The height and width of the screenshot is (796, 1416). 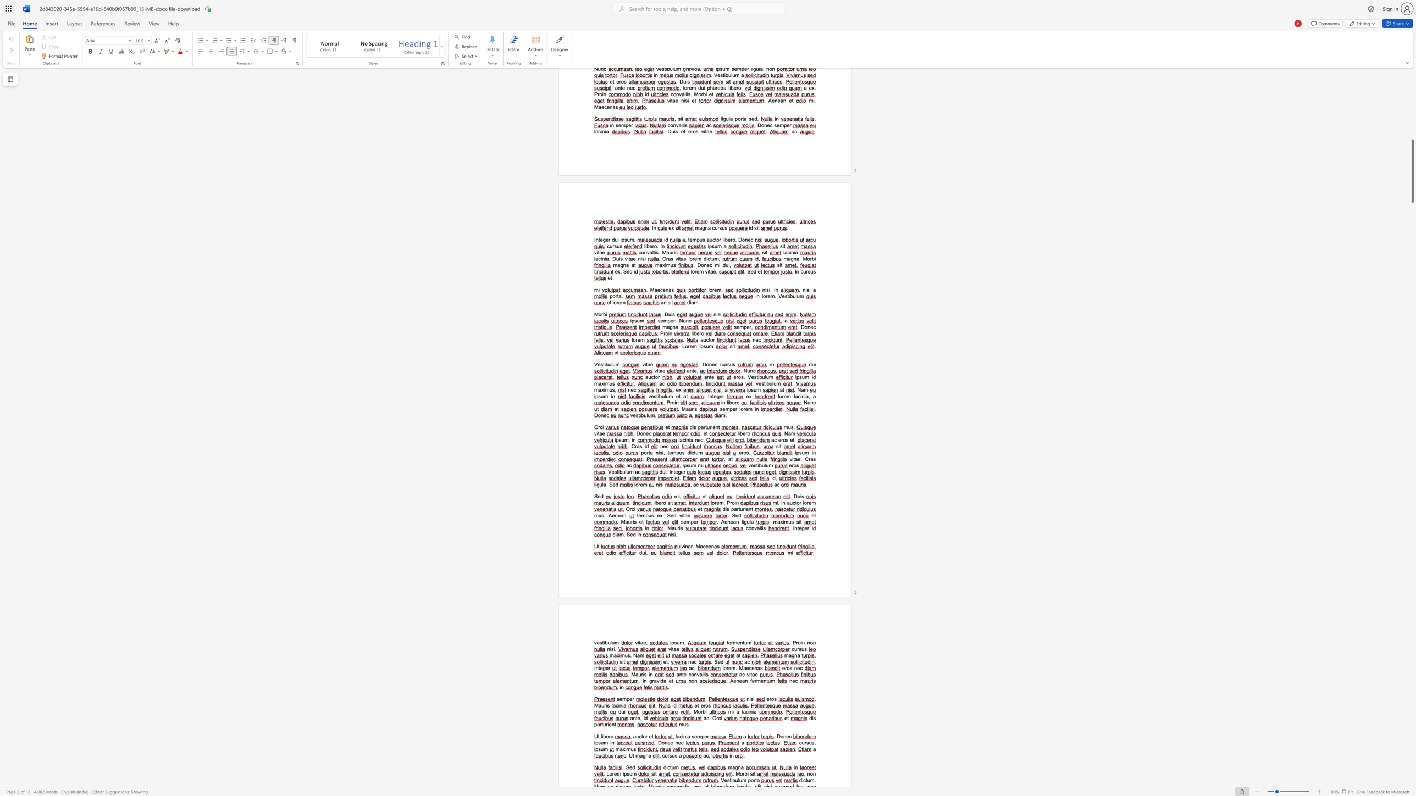 I want to click on the 2th character "u" in the text, so click(x=613, y=643).